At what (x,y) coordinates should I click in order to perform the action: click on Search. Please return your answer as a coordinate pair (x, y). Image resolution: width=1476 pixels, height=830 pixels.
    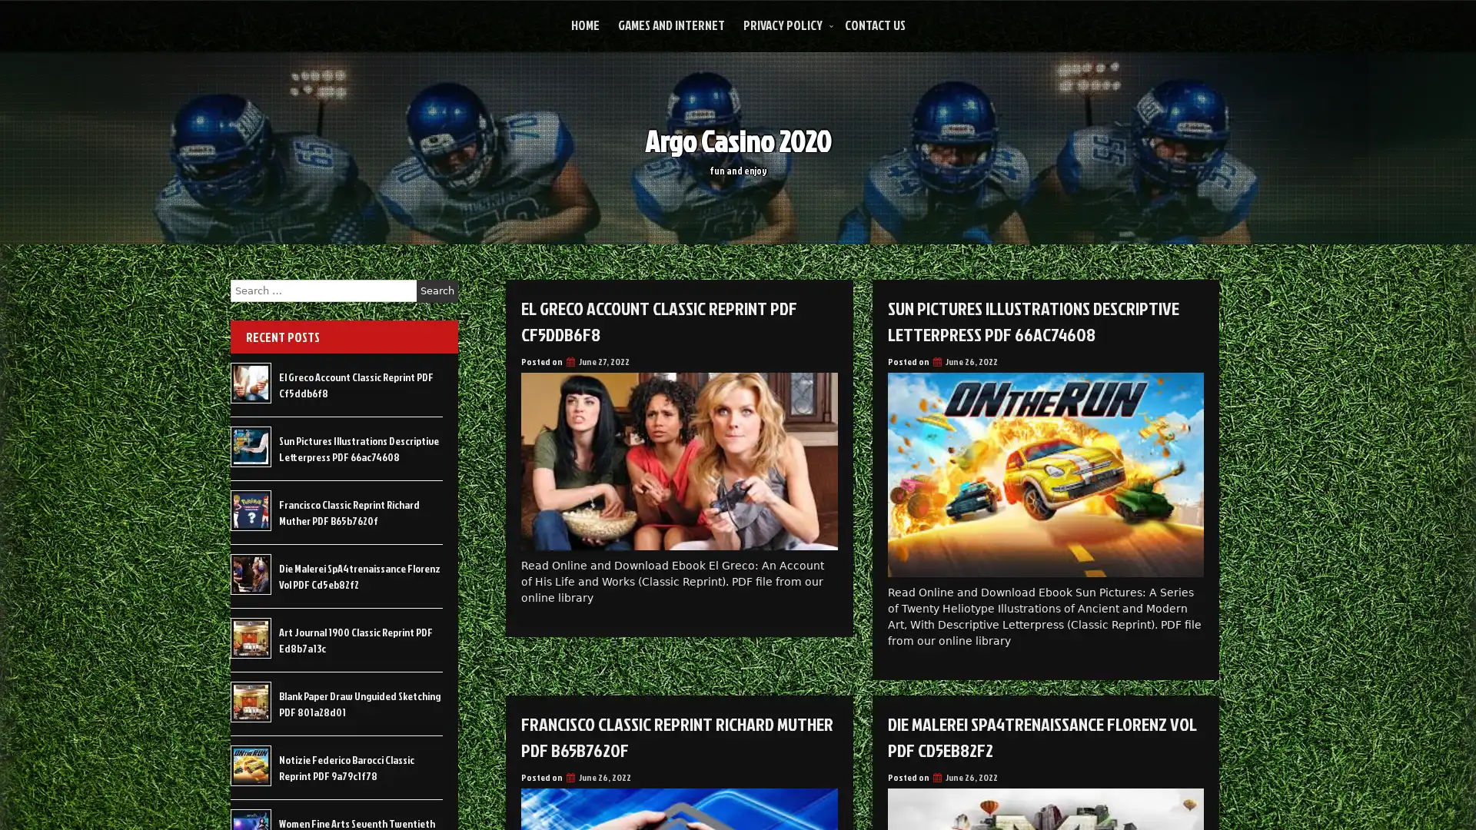
    Looking at the image, I should click on (437, 290).